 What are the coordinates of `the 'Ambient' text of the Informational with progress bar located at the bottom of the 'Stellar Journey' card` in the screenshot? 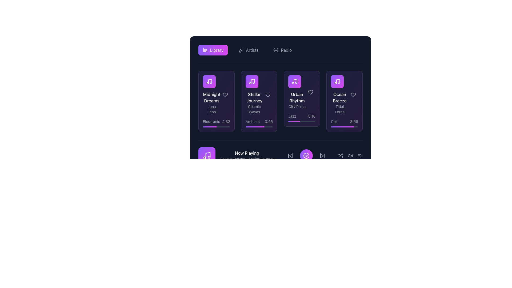 It's located at (259, 123).